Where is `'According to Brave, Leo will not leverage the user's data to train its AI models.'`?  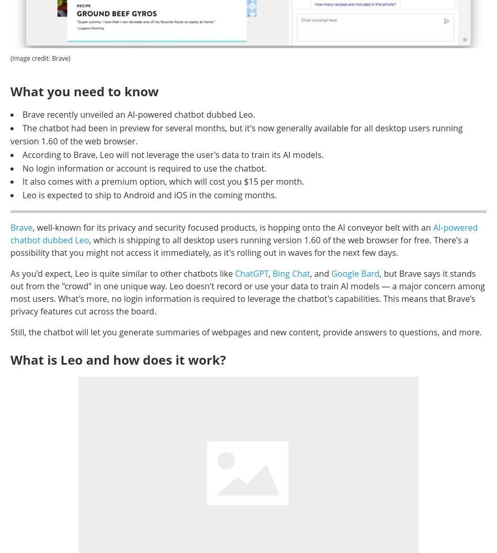
'According to Brave, Leo will not leverage the user's data to train its AI models.' is located at coordinates (172, 154).